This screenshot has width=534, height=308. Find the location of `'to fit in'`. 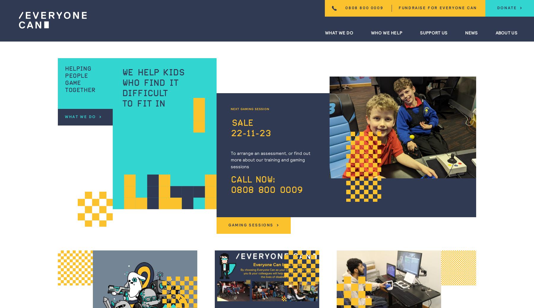

'to fit in' is located at coordinates (122, 104).